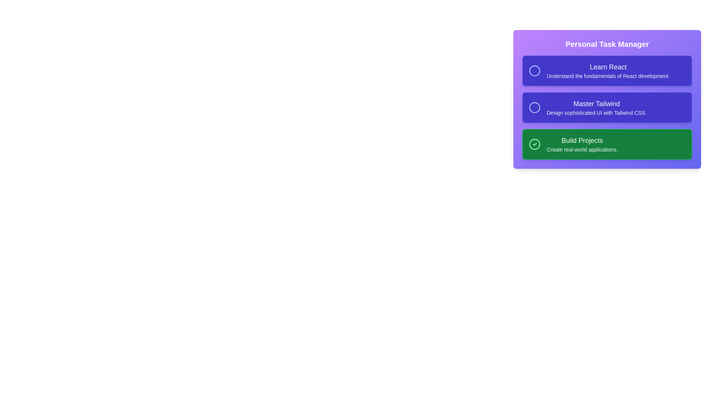  I want to click on the task card labeled 'Master Tailwind' to toggle its completion state, so click(607, 107).